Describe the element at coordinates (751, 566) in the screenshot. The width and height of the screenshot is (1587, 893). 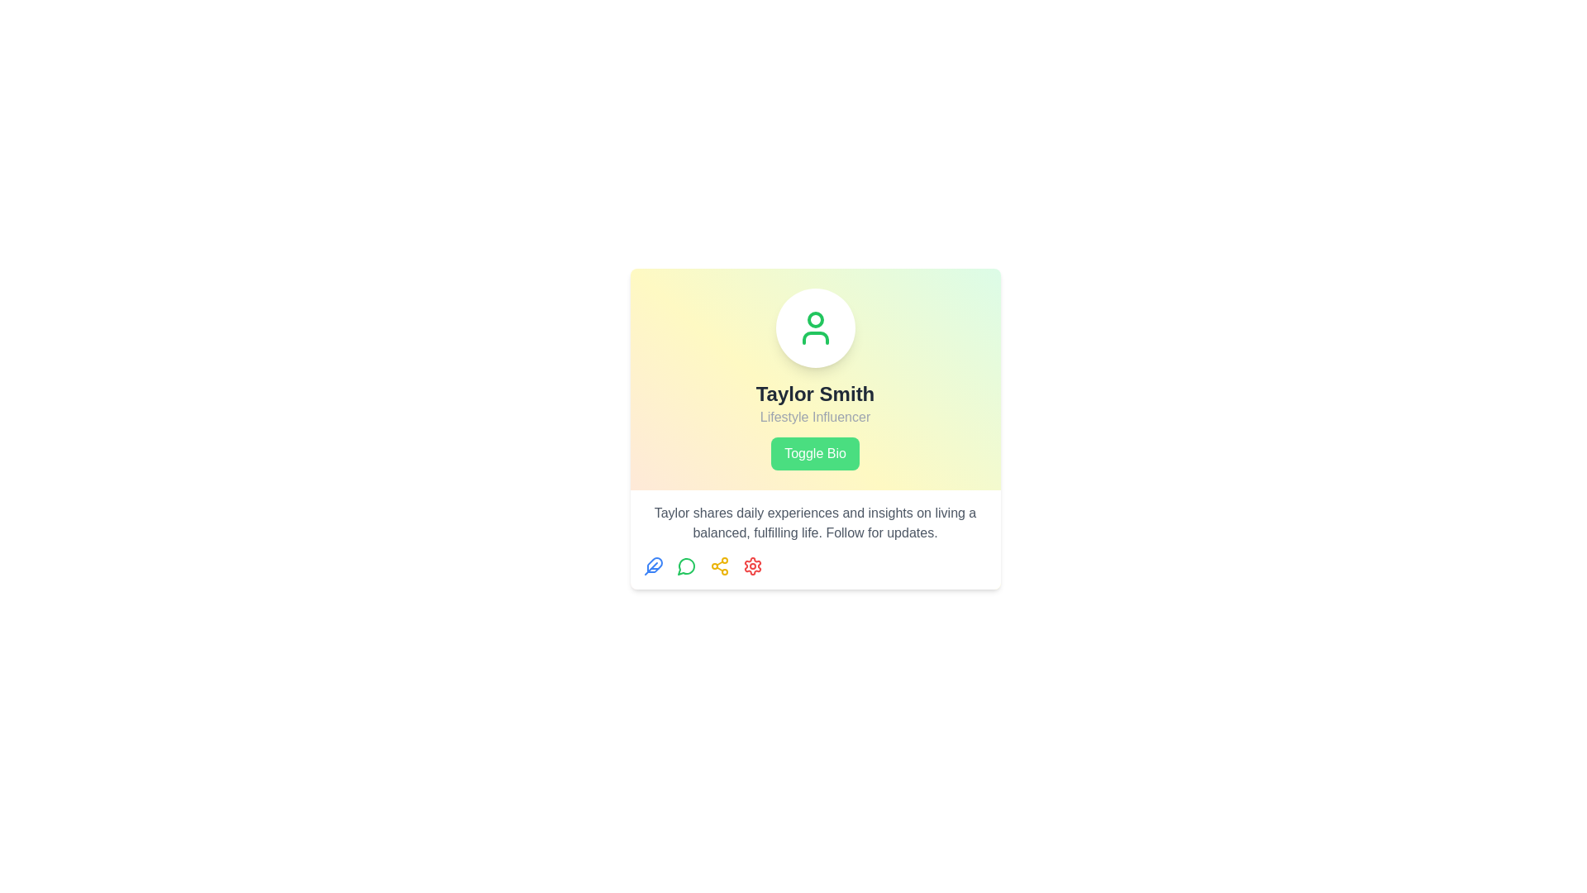
I see `the red gear icon button located as the fourth icon from the left` at that location.